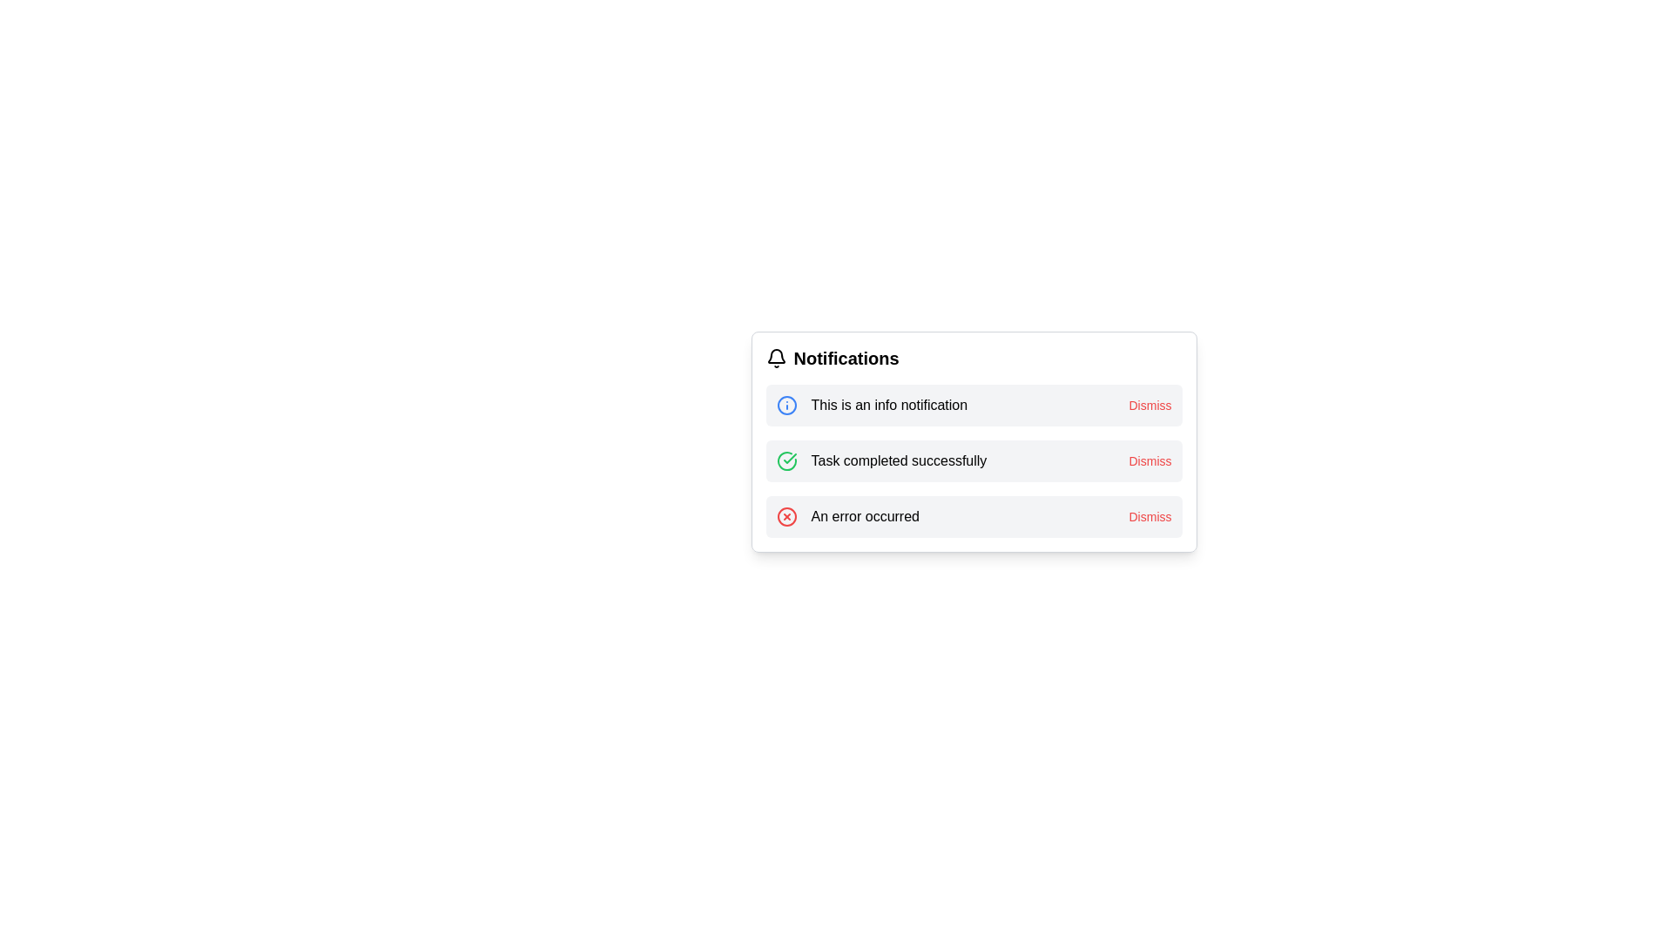  I want to click on the error status indicator located to the left of the text 'An error occurred' in the lower row of the notification component, so click(785, 516).